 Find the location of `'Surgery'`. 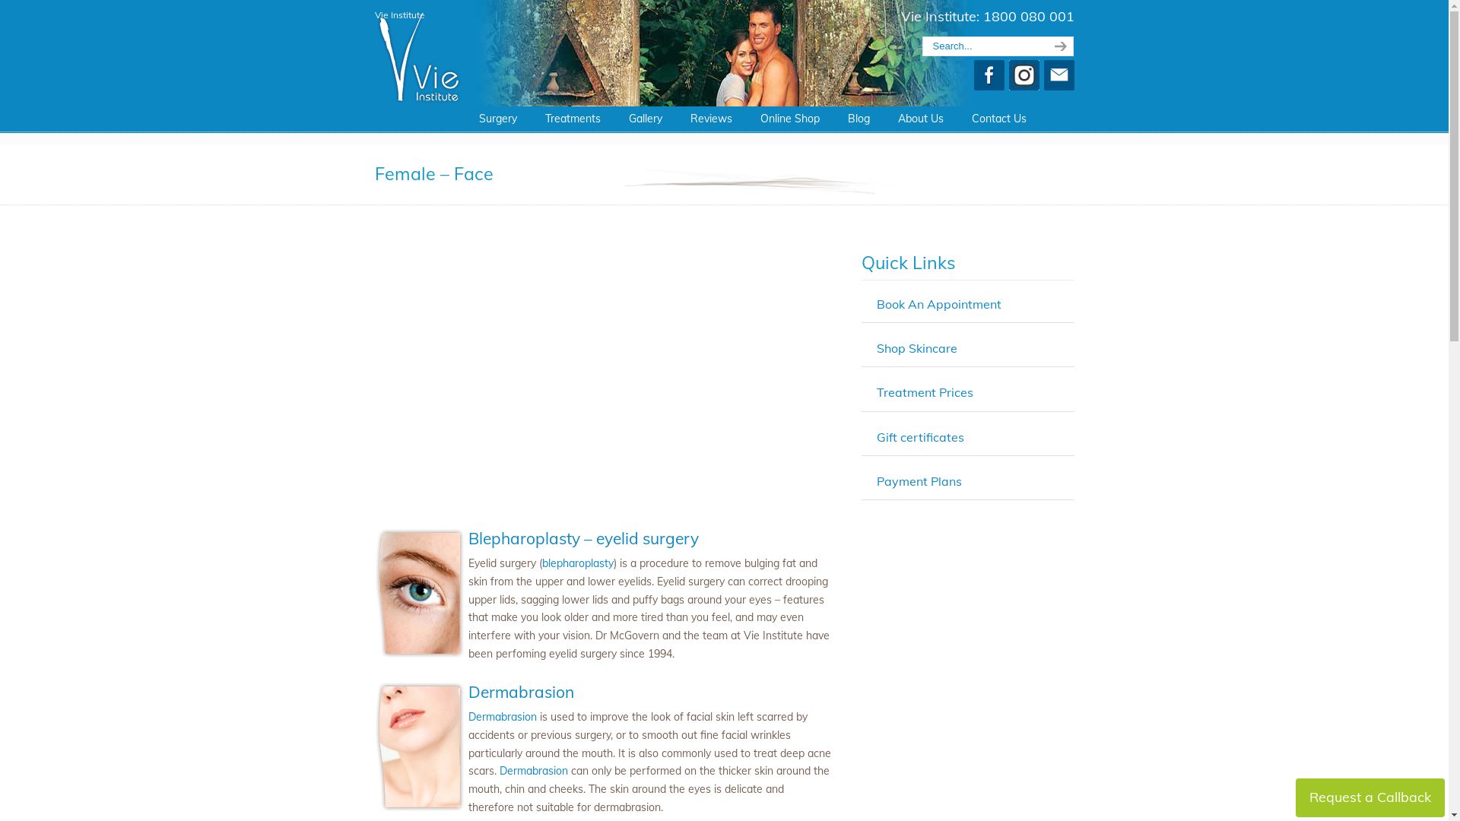

'Surgery' is located at coordinates (497, 117).